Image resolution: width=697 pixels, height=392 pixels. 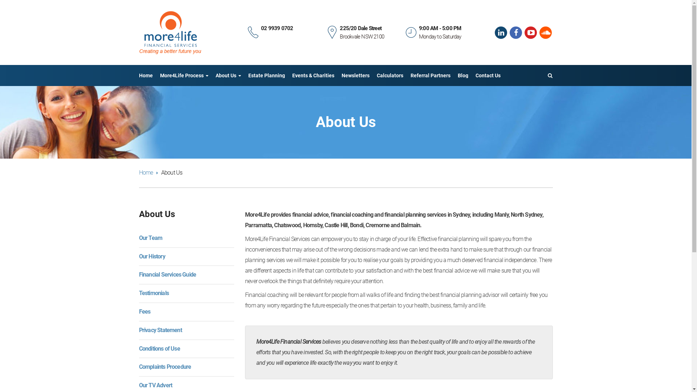 I want to click on 'Complaints Procedure', so click(x=164, y=367).